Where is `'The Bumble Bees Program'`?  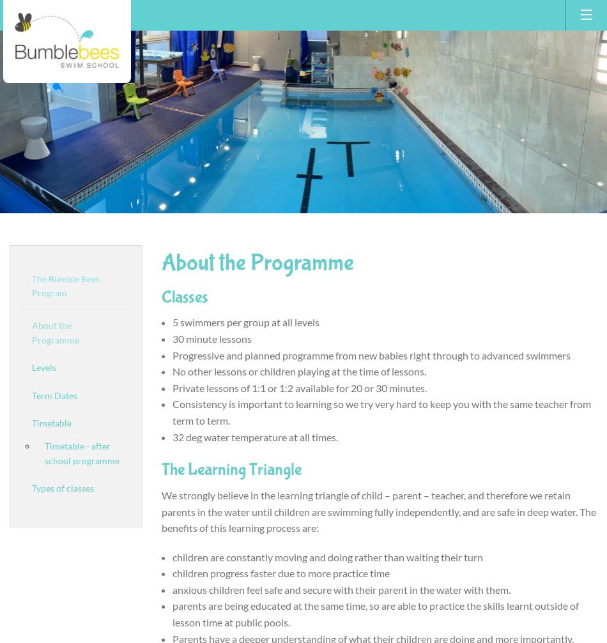 'The Bumble Bees Program' is located at coordinates (65, 285).